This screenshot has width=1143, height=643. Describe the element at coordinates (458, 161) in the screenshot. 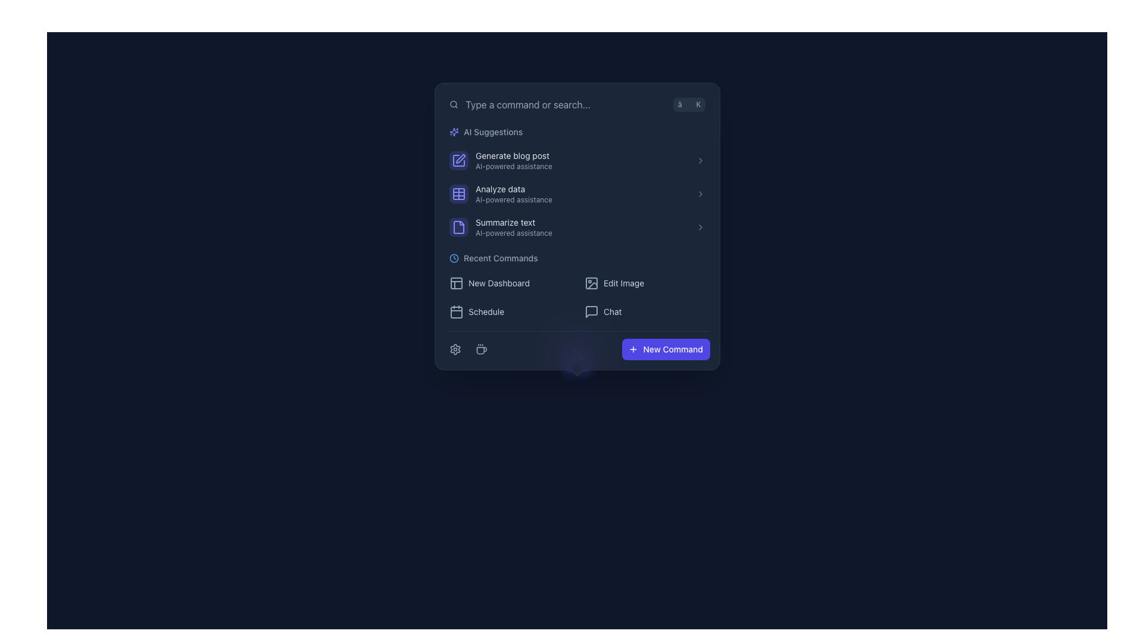

I see `the 'Generate blog post' icon in the AI Suggestions menu` at that location.